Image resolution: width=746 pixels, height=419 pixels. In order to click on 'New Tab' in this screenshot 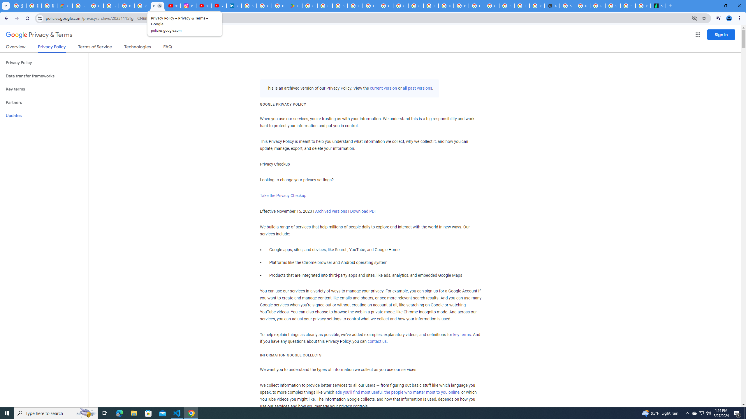, I will do `click(552, 6)`.